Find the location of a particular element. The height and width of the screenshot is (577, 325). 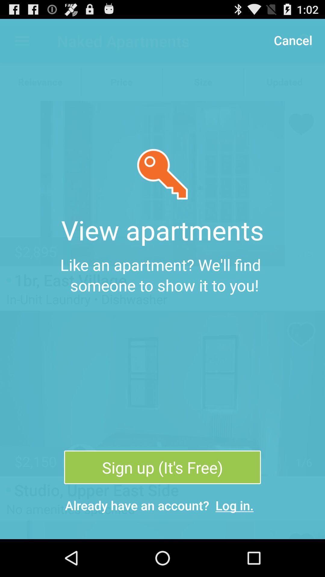

icon at the top right corner is located at coordinates (292, 40).